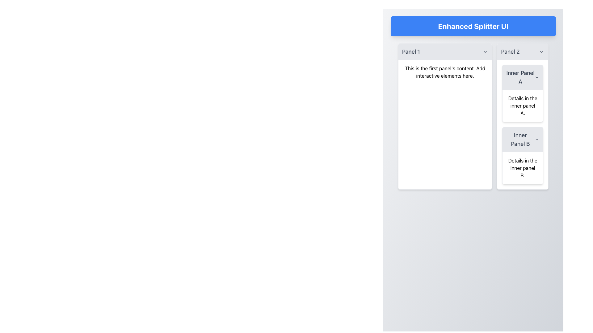  What do you see at coordinates (522, 168) in the screenshot?
I see `text block that displays 'Details in the inner panel B' located within the 'Inner Panel B' sub-panel under 'Panel 2'` at bounding box center [522, 168].